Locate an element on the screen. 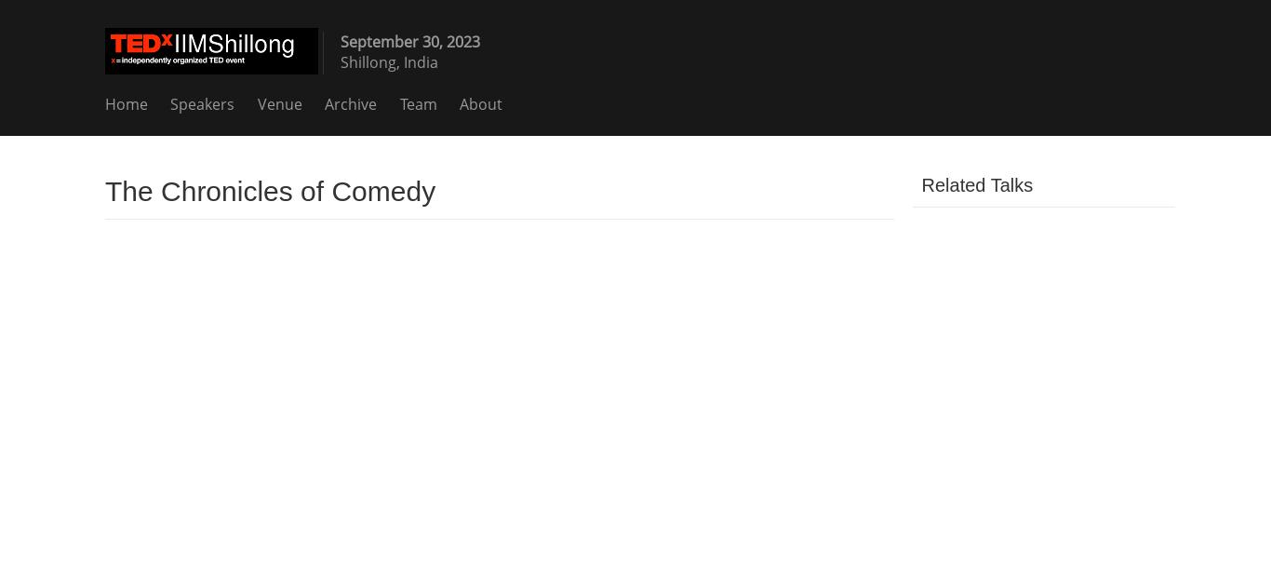 The width and height of the screenshot is (1271, 565). 'Shillong, India' is located at coordinates (388, 61).